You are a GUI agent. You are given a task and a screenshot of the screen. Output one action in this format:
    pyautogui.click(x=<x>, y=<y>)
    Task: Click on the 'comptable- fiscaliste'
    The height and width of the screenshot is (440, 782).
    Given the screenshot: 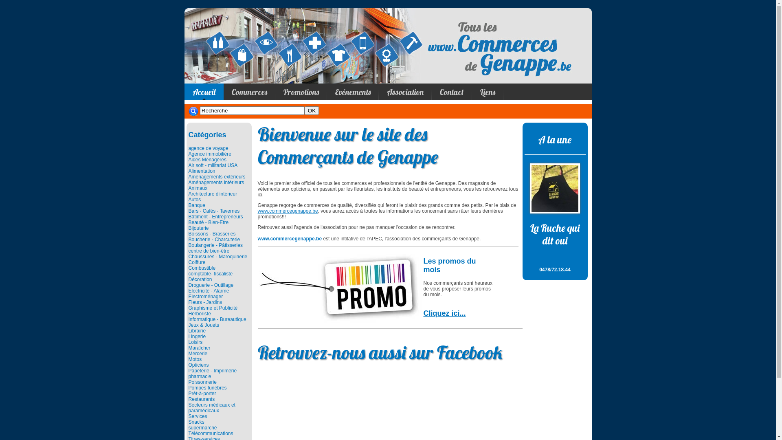 What is the action you would take?
    pyautogui.click(x=210, y=273)
    